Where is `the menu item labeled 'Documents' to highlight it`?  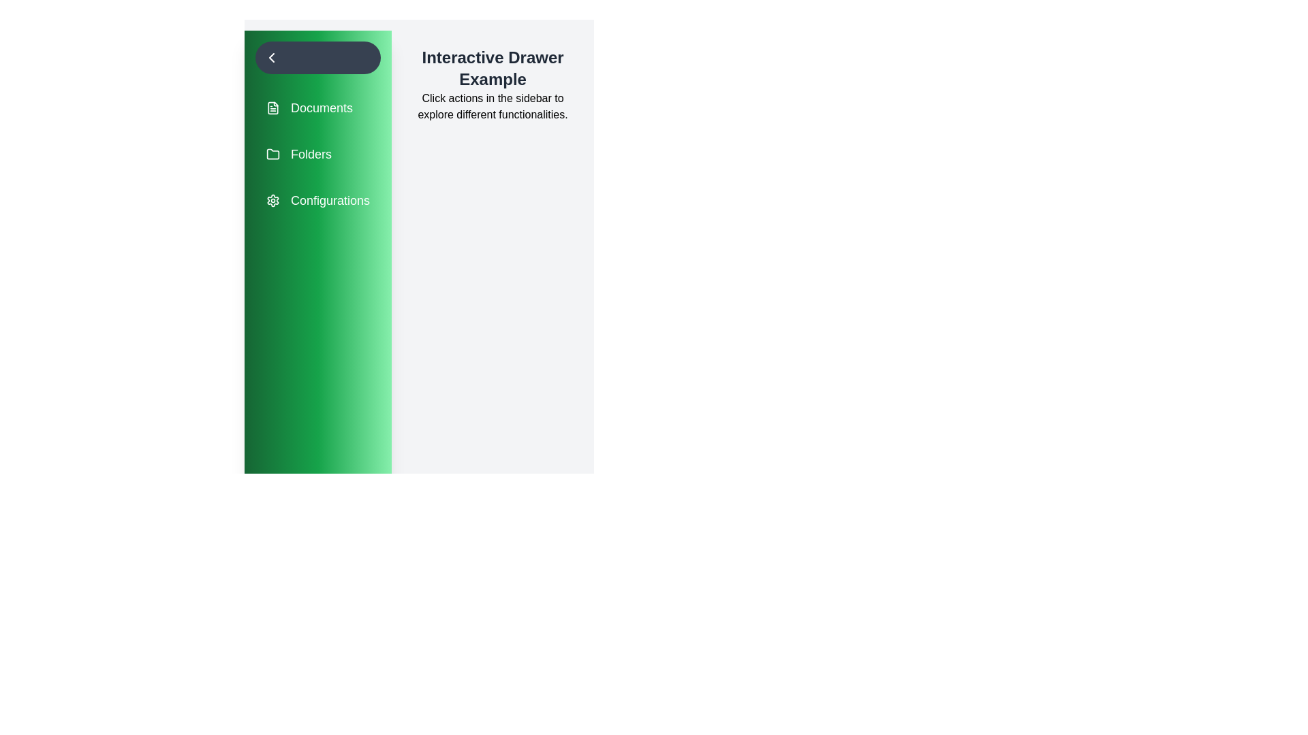
the menu item labeled 'Documents' to highlight it is located at coordinates (317, 107).